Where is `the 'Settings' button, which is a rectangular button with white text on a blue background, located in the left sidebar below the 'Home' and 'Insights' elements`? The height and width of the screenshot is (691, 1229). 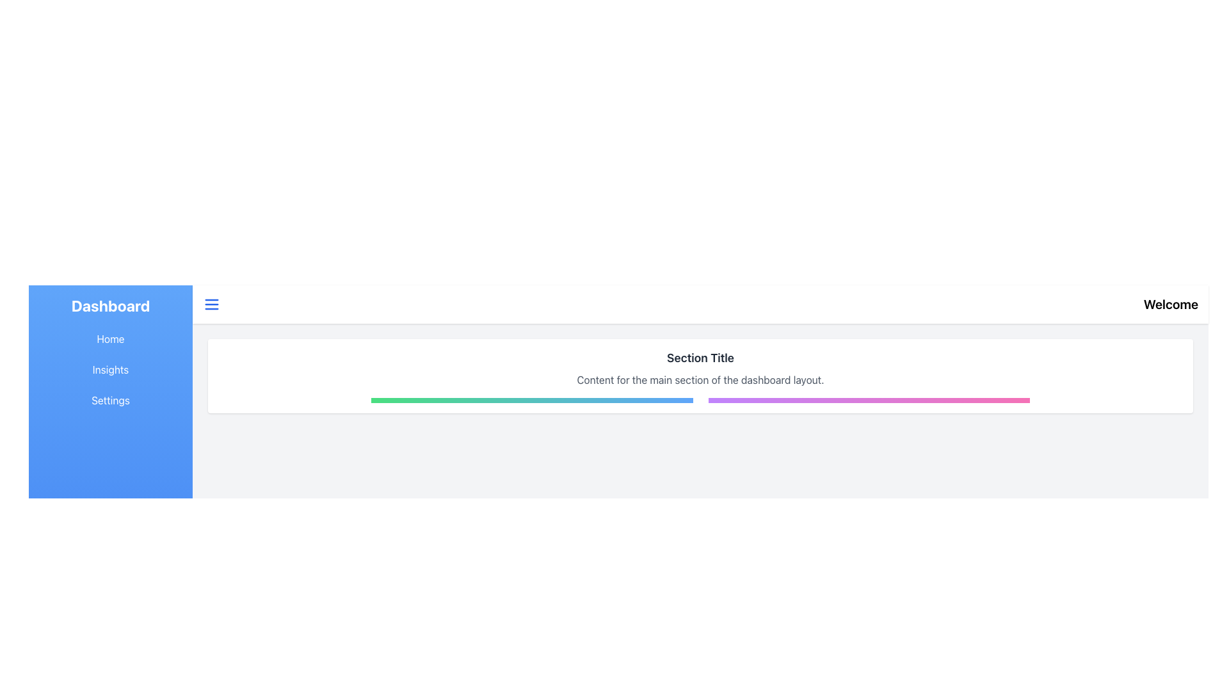 the 'Settings' button, which is a rectangular button with white text on a blue background, located in the left sidebar below the 'Home' and 'Insights' elements is located at coordinates (110, 399).